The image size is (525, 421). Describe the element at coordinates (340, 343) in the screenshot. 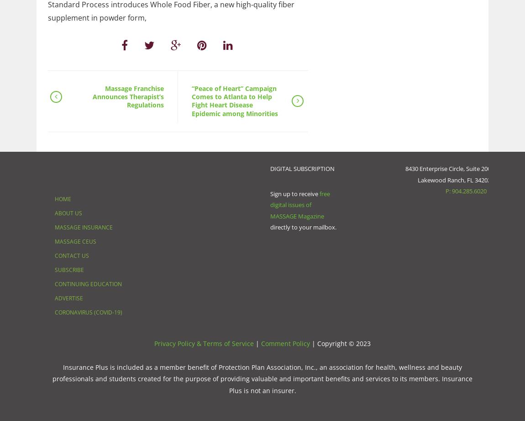

I see `'| Copyright © 2023'` at that location.